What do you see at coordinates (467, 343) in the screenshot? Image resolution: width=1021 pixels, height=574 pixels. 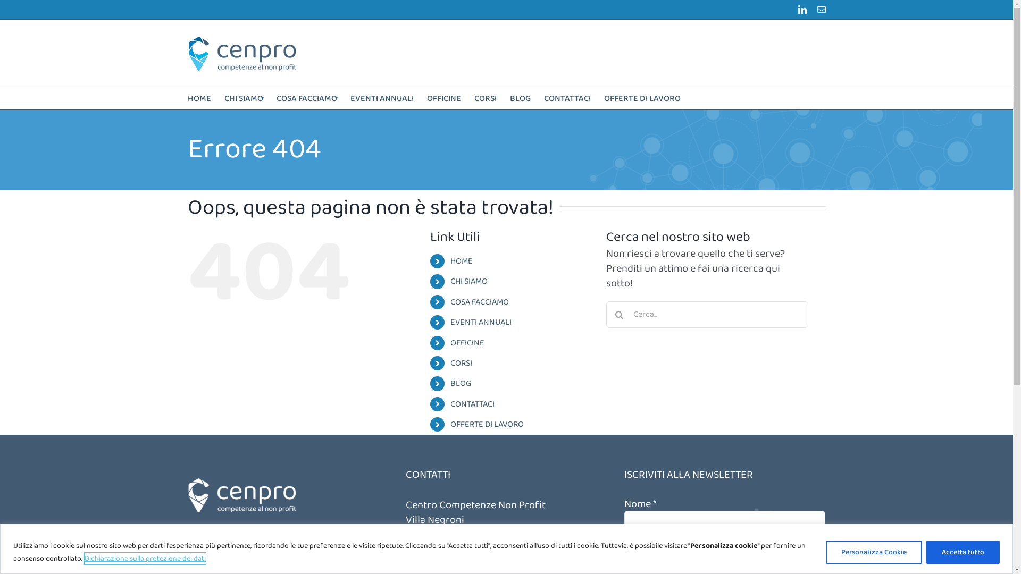 I see `'OFFICINE'` at bounding box center [467, 343].